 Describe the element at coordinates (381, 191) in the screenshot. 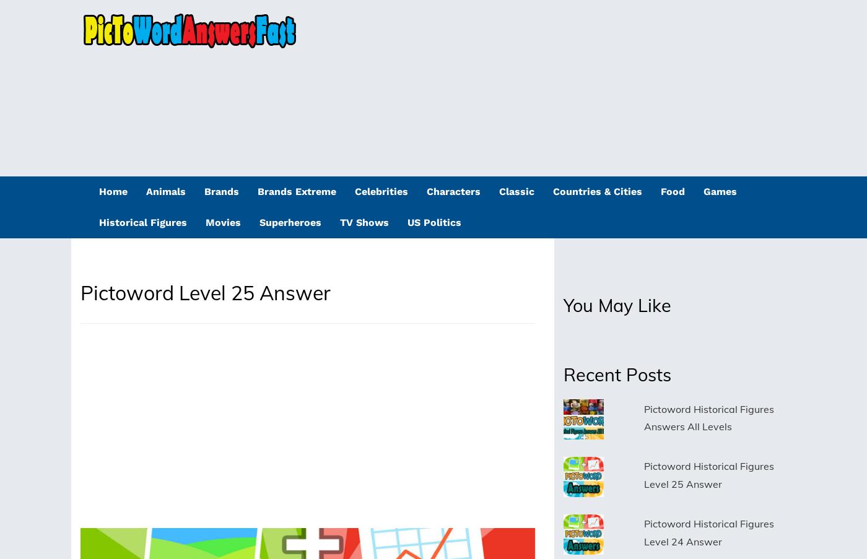

I see `'Celebrities'` at that location.